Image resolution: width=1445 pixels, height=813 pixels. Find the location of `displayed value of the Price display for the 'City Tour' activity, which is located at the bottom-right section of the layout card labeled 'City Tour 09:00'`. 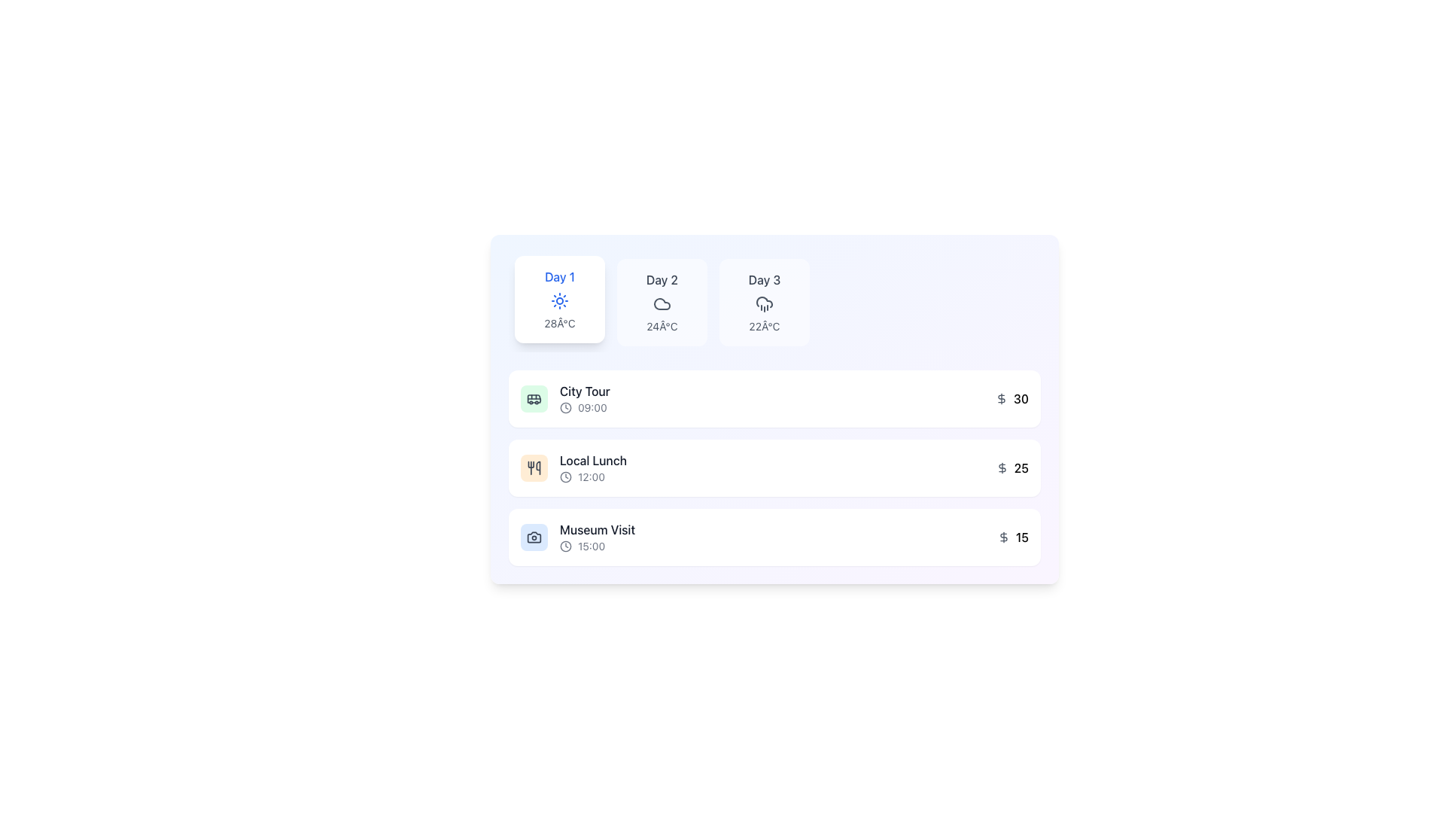

displayed value of the Price display for the 'City Tour' activity, which is located at the bottom-right section of the layout card labeled 'City Tour 09:00' is located at coordinates (1011, 397).